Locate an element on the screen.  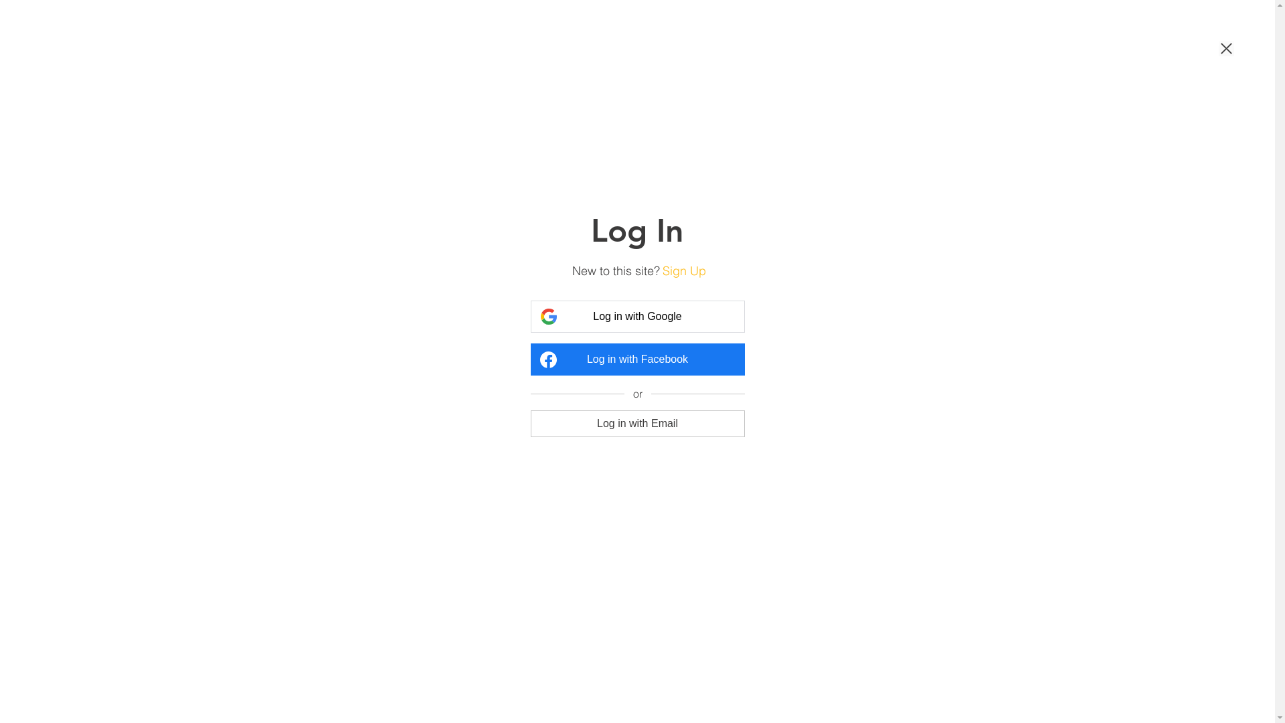
'Log in with Google' is located at coordinates (636, 317).